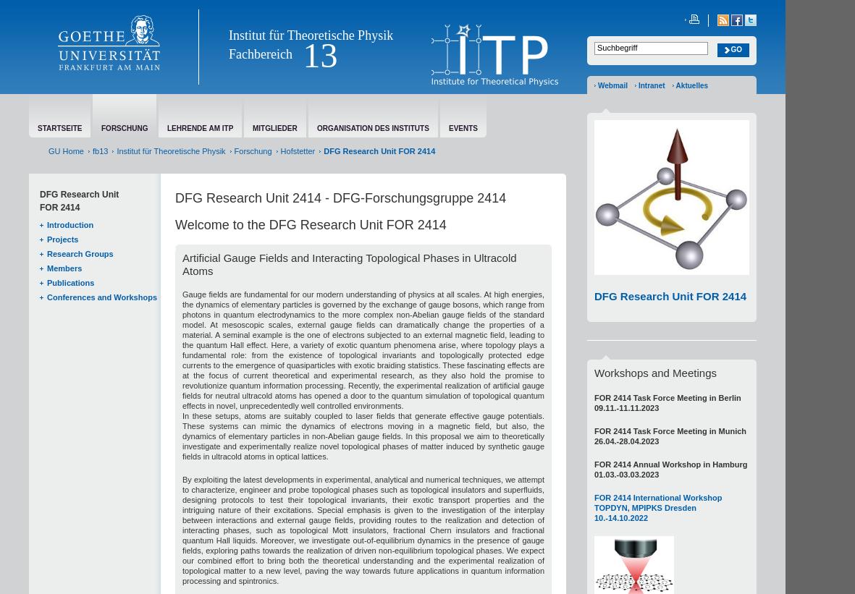  What do you see at coordinates (100, 150) in the screenshot?
I see `'fb13'` at bounding box center [100, 150].